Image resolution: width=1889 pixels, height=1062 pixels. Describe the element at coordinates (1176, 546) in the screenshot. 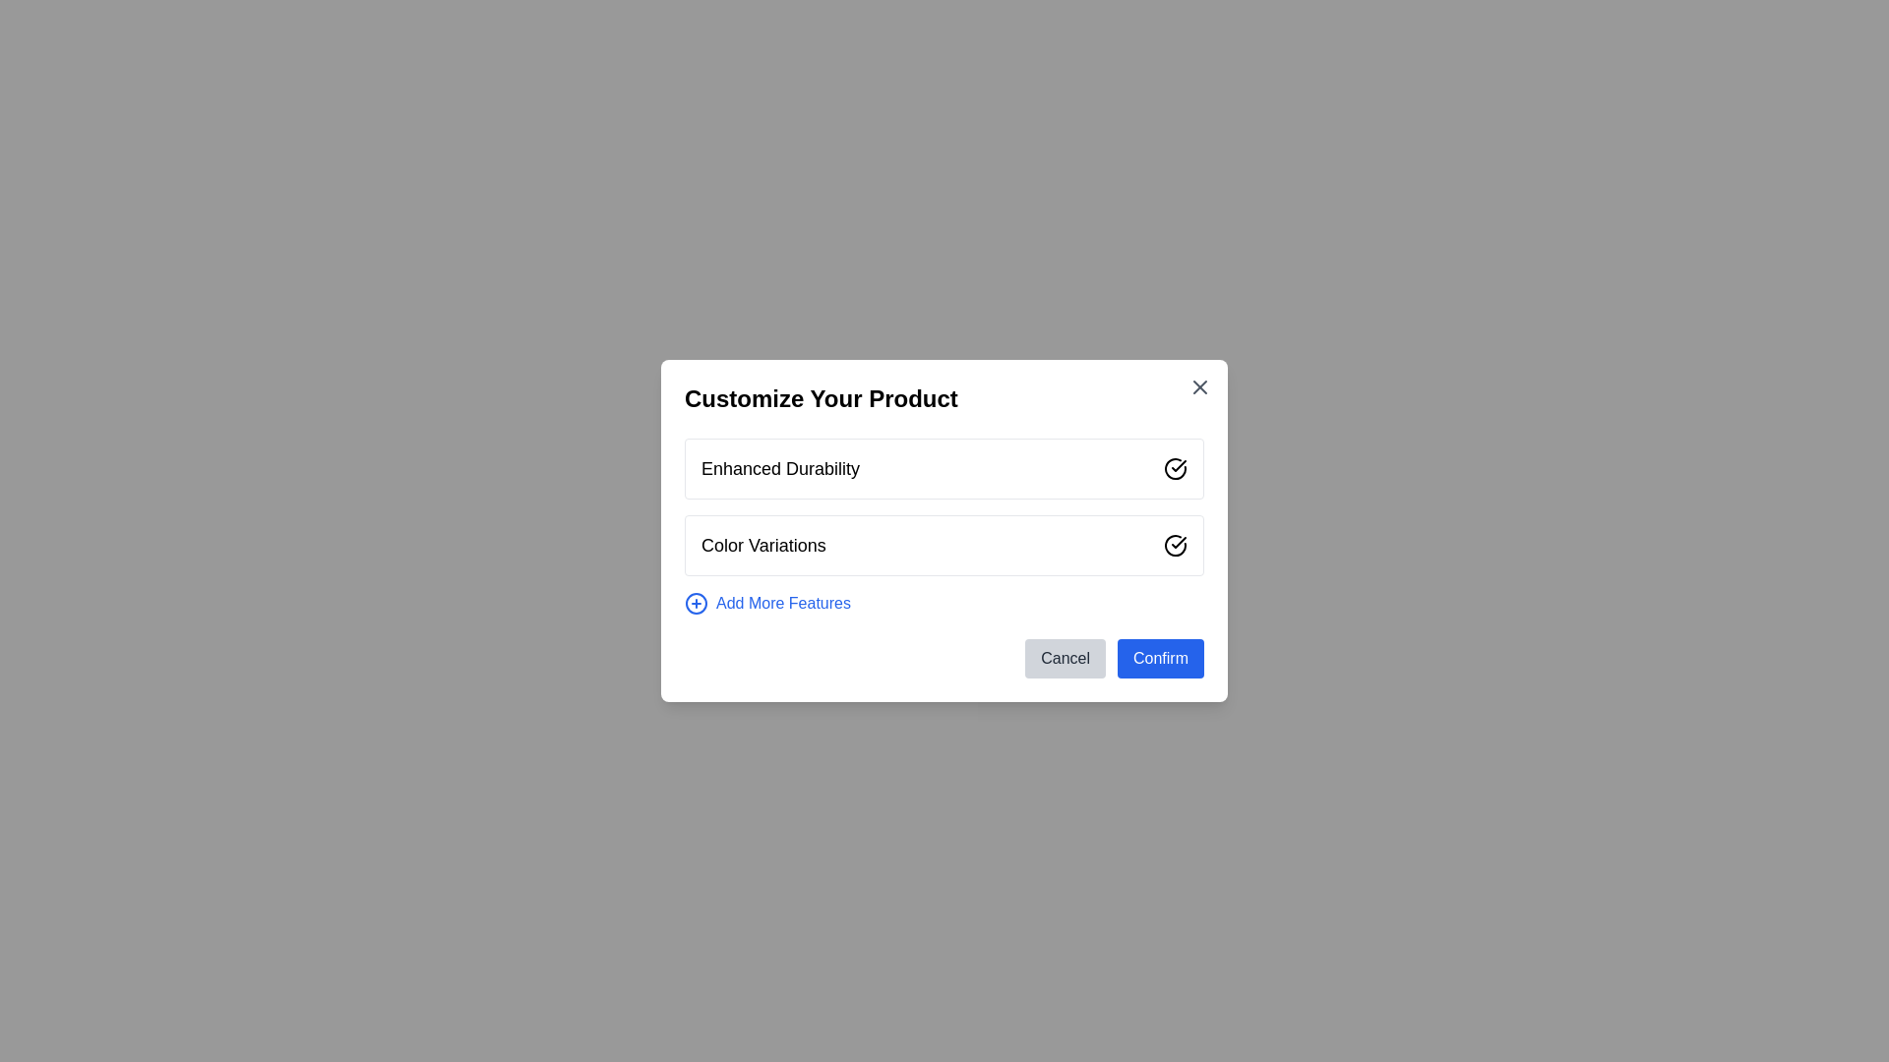

I see `the second interactive selectable icon in the 'Color Variations' section` at that location.